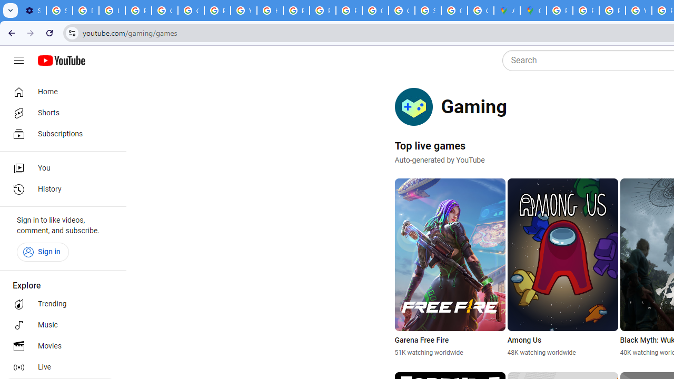  I want to click on 'YouTube', so click(638, 11).